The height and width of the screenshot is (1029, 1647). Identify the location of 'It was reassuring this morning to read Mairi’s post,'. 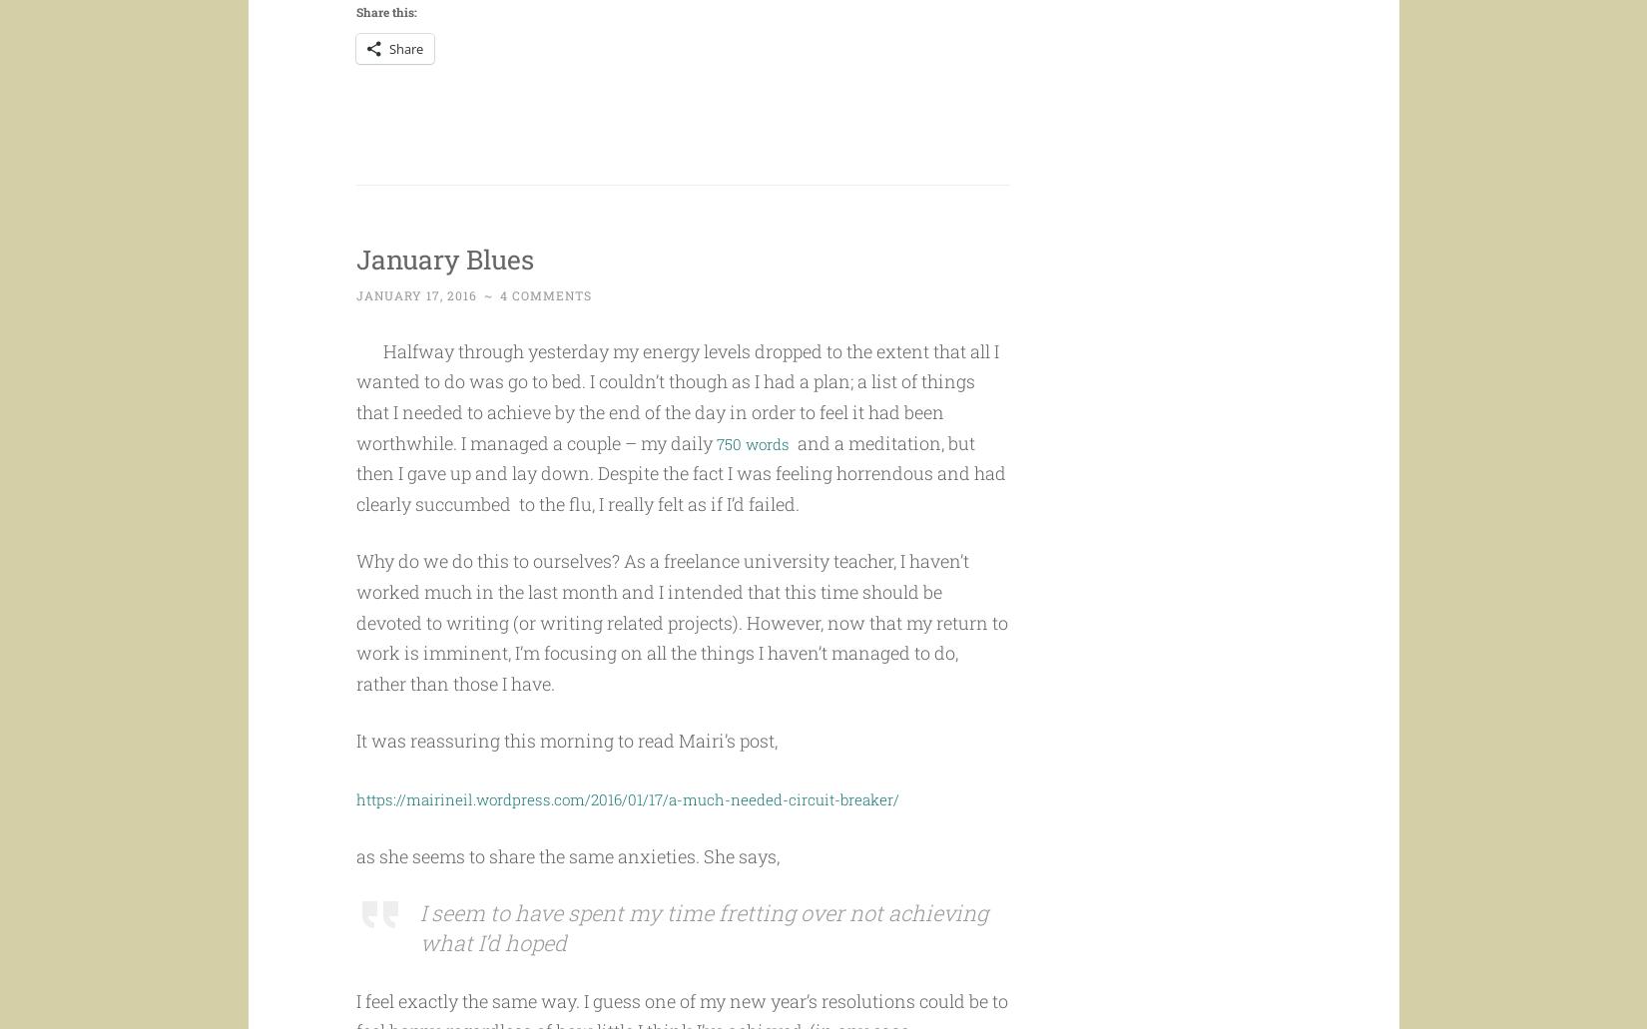
(355, 777).